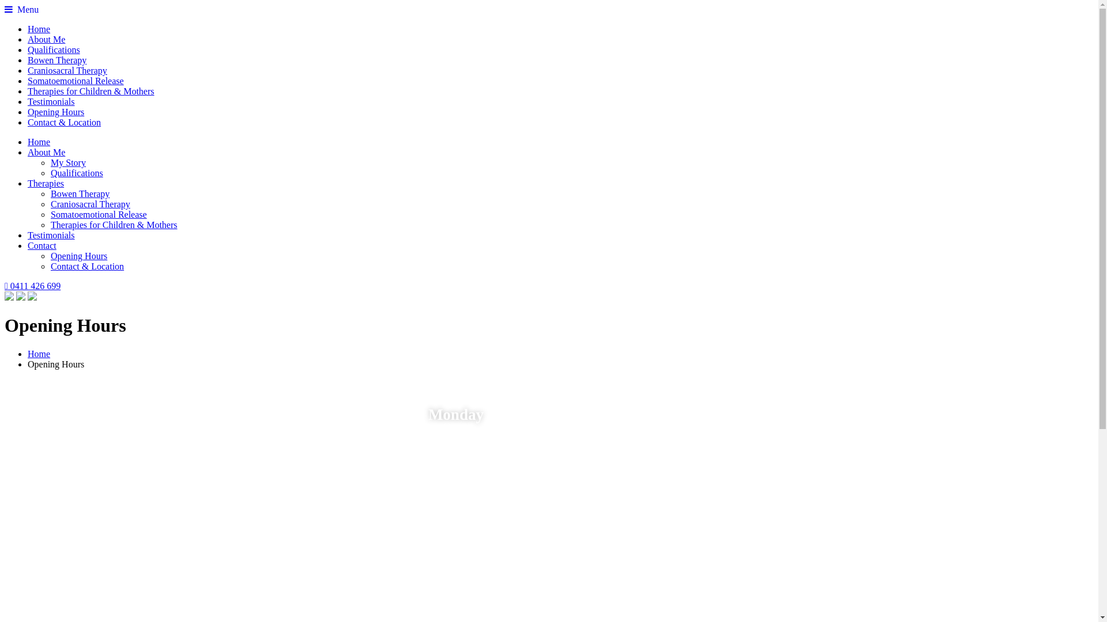 This screenshot has width=1107, height=622. I want to click on 'Qualifications', so click(28, 49).